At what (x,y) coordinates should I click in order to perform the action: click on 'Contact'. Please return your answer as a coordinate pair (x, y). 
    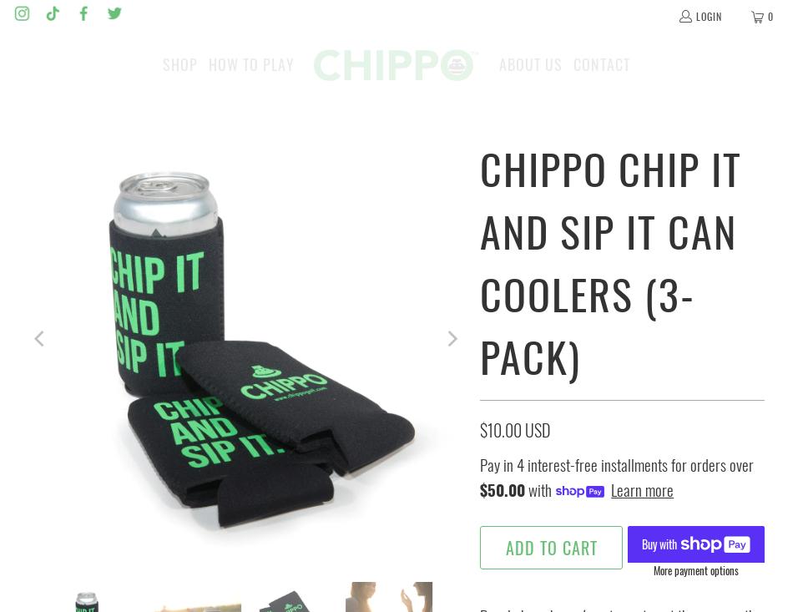
    Looking at the image, I should click on (600, 63).